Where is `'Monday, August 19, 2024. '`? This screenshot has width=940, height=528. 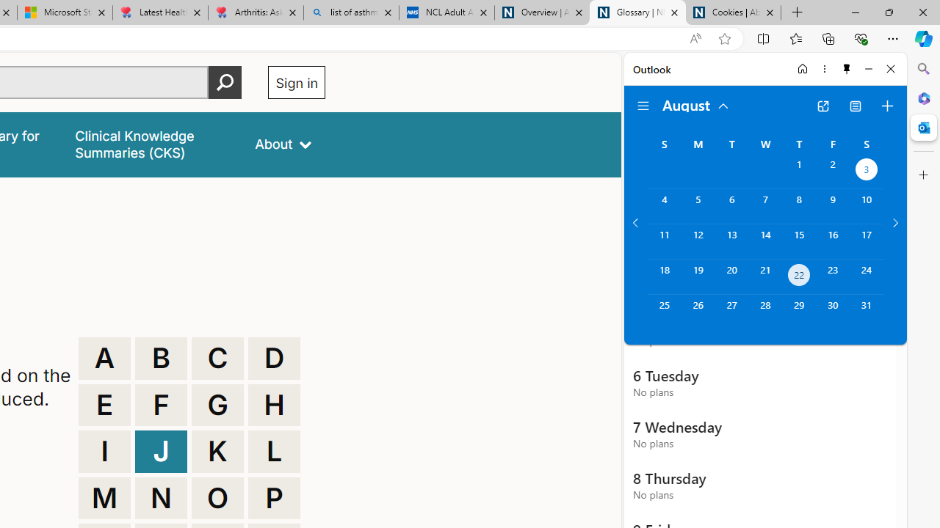 'Monday, August 19, 2024. ' is located at coordinates (697, 276).